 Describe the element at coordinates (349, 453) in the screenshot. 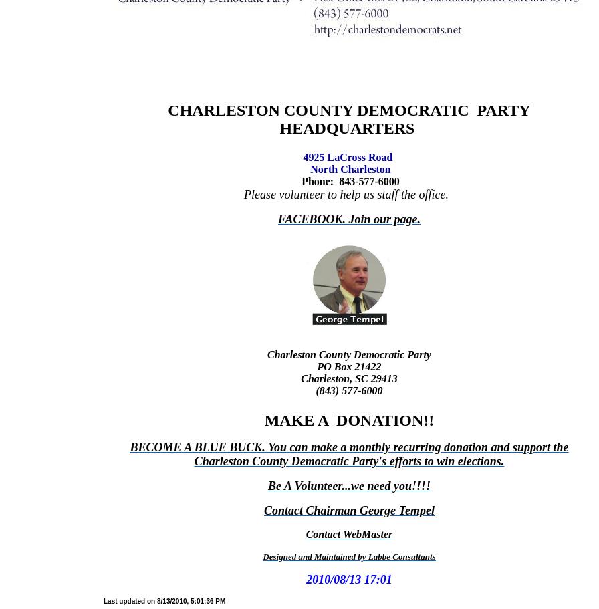

I see `'BECOME A BLUE BUCK. You can make a monthly recurring donation and support the Charleston County Democratic Party's efforts
                                       to win elections.'` at that location.